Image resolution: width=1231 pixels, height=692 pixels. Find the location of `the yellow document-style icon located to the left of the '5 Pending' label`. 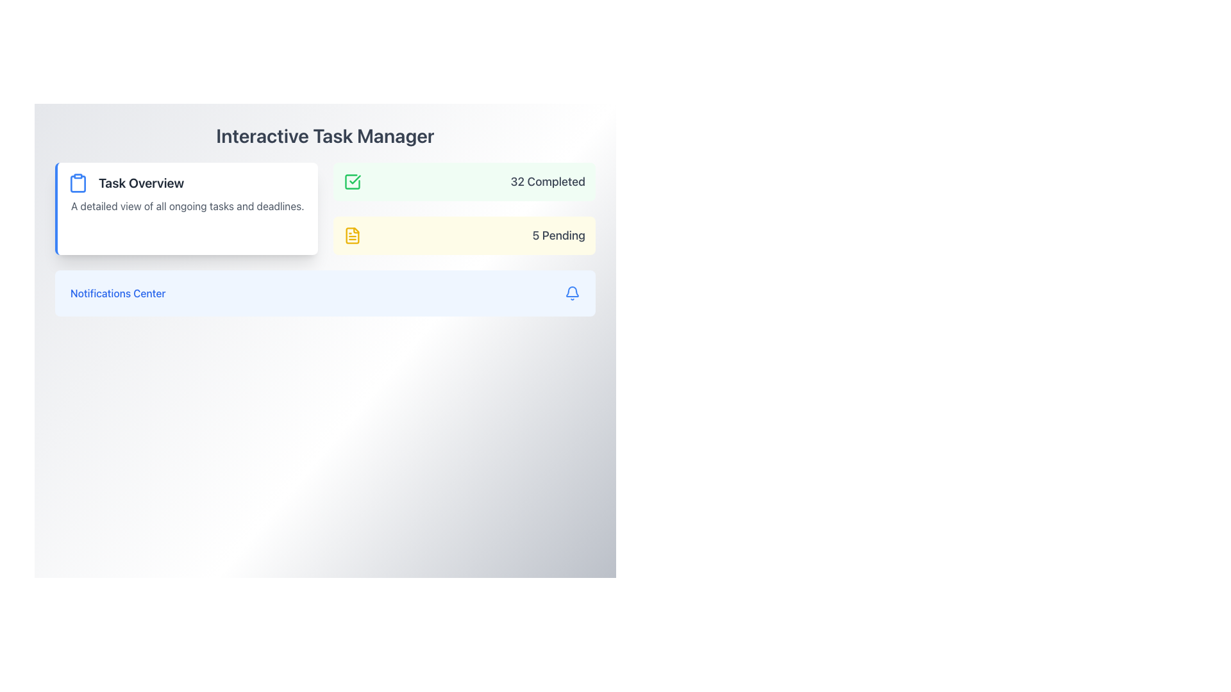

the yellow document-style icon located to the left of the '5 Pending' label is located at coordinates (352, 235).